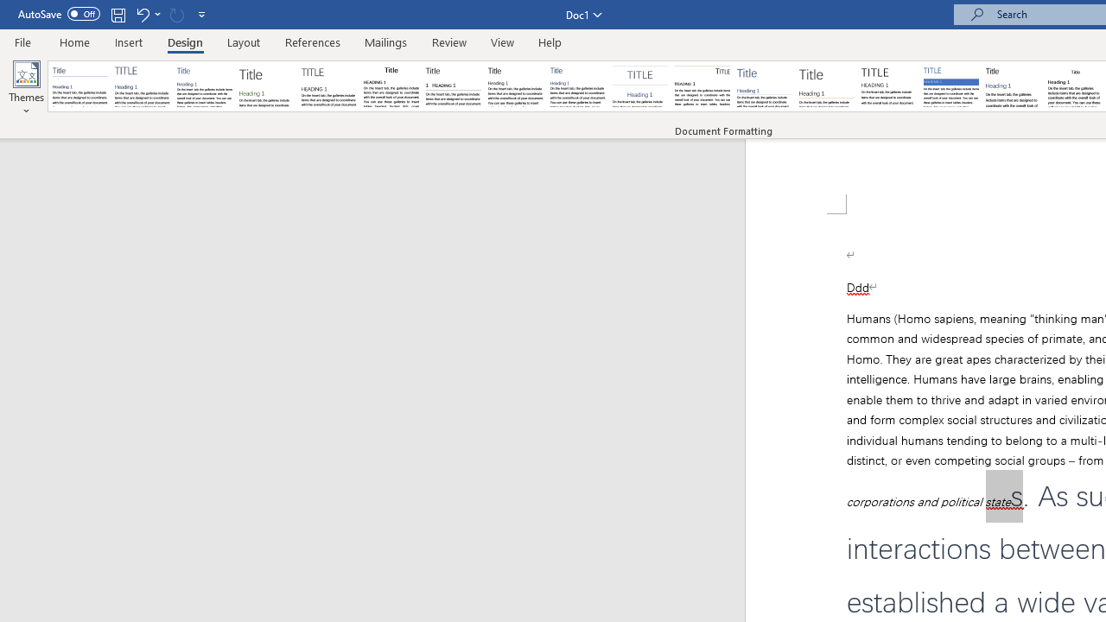 Image resolution: width=1106 pixels, height=622 pixels. Describe the element at coordinates (826, 86) in the screenshot. I see `'Lines (Stylish)'` at that location.